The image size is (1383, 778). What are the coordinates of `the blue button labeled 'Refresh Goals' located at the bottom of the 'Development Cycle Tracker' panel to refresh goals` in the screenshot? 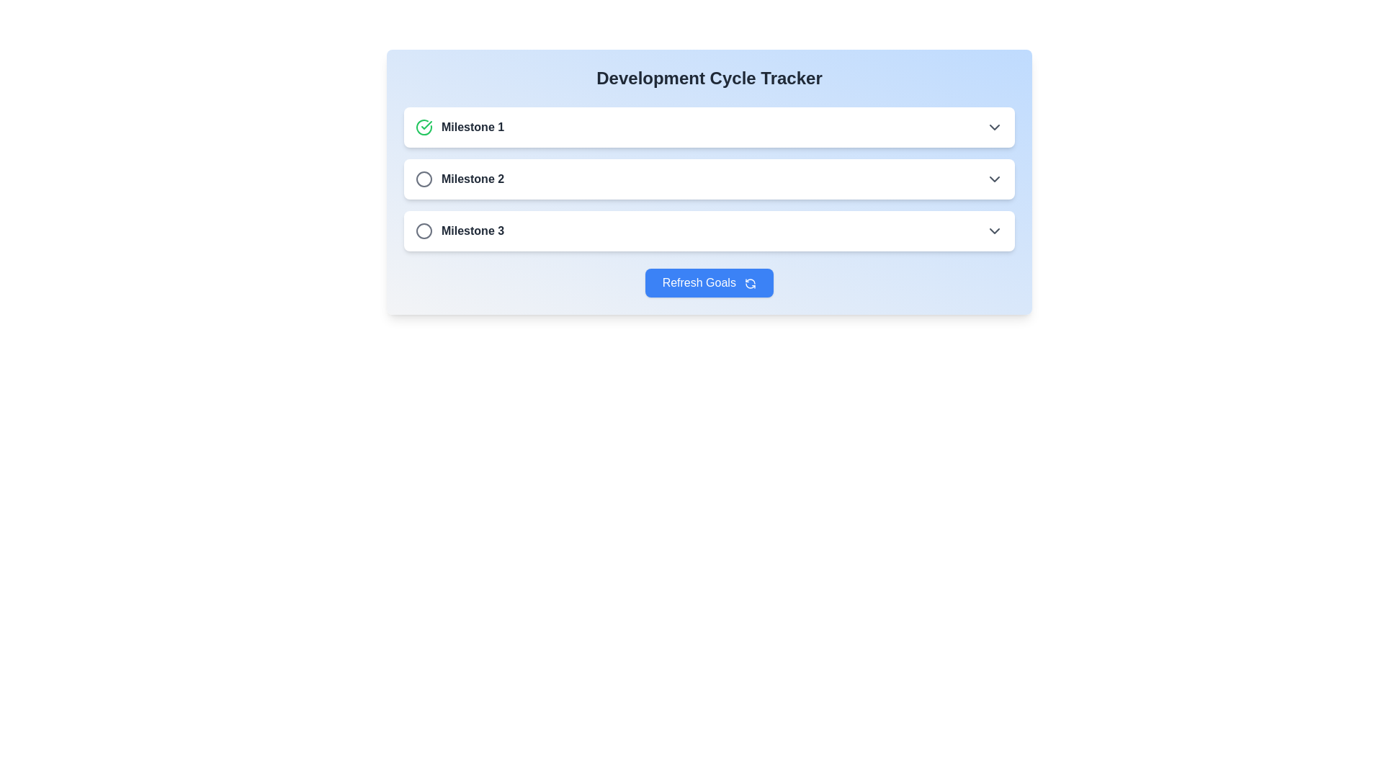 It's located at (709, 283).